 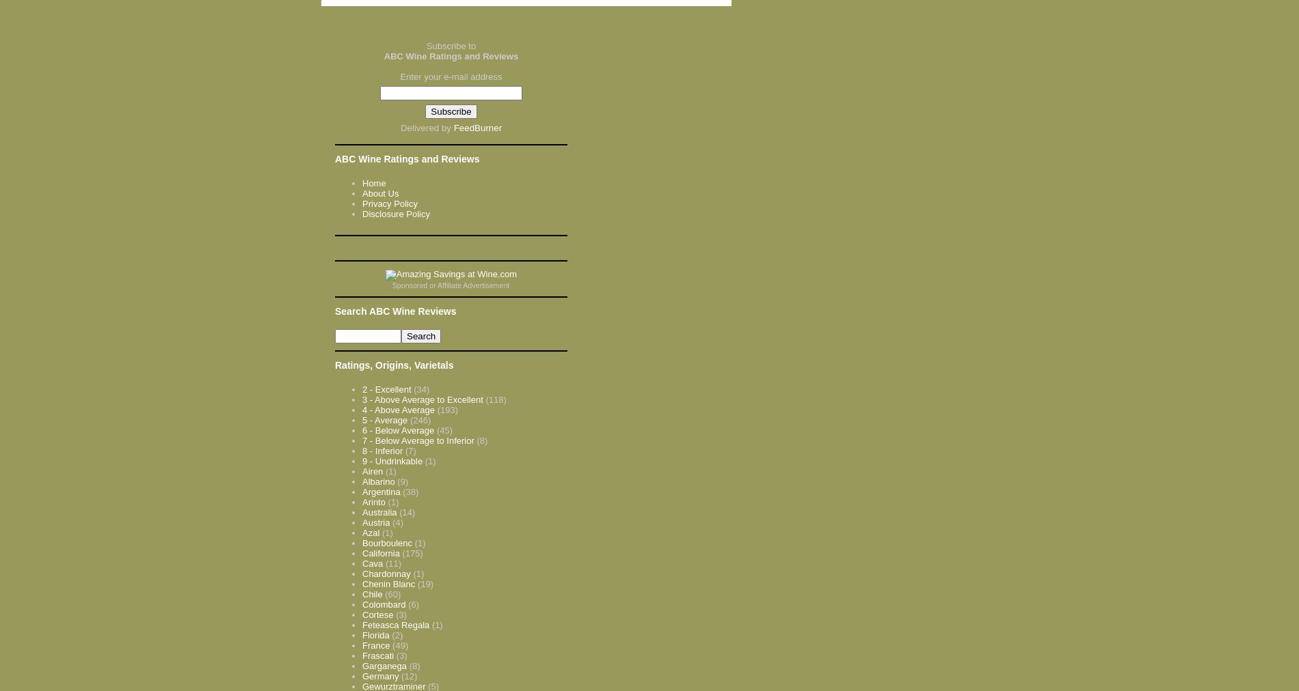 I want to click on 'Home', so click(x=374, y=182).